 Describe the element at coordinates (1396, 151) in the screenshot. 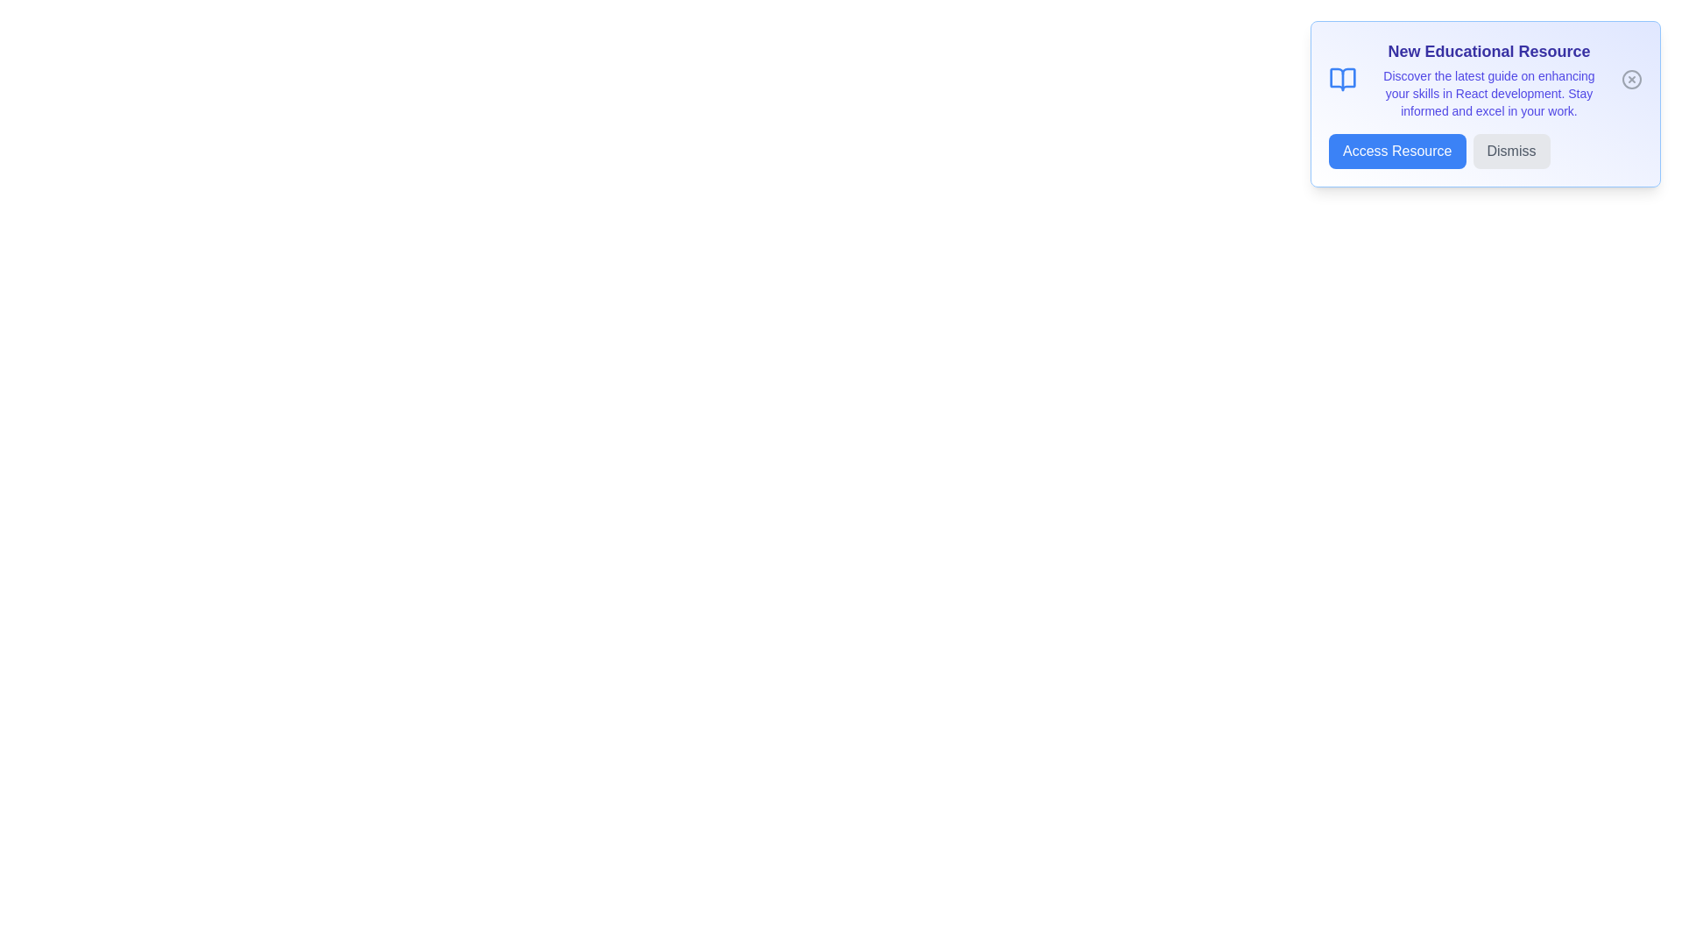

I see `the 'Access Resource' button to navigate to the resource` at that location.